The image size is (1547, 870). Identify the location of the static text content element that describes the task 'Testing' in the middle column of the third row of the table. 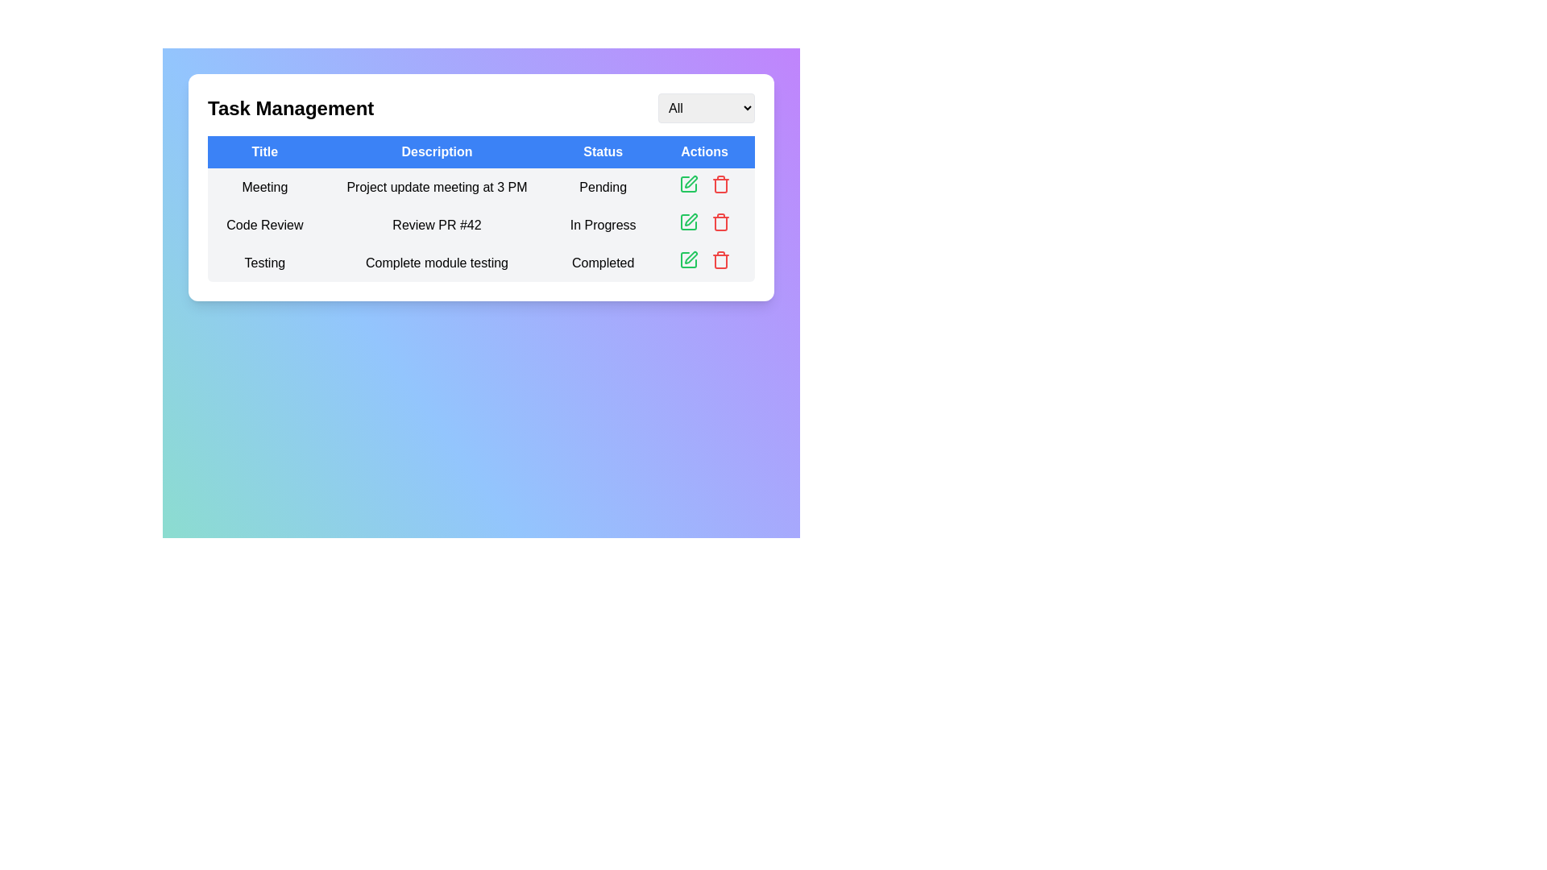
(437, 262).